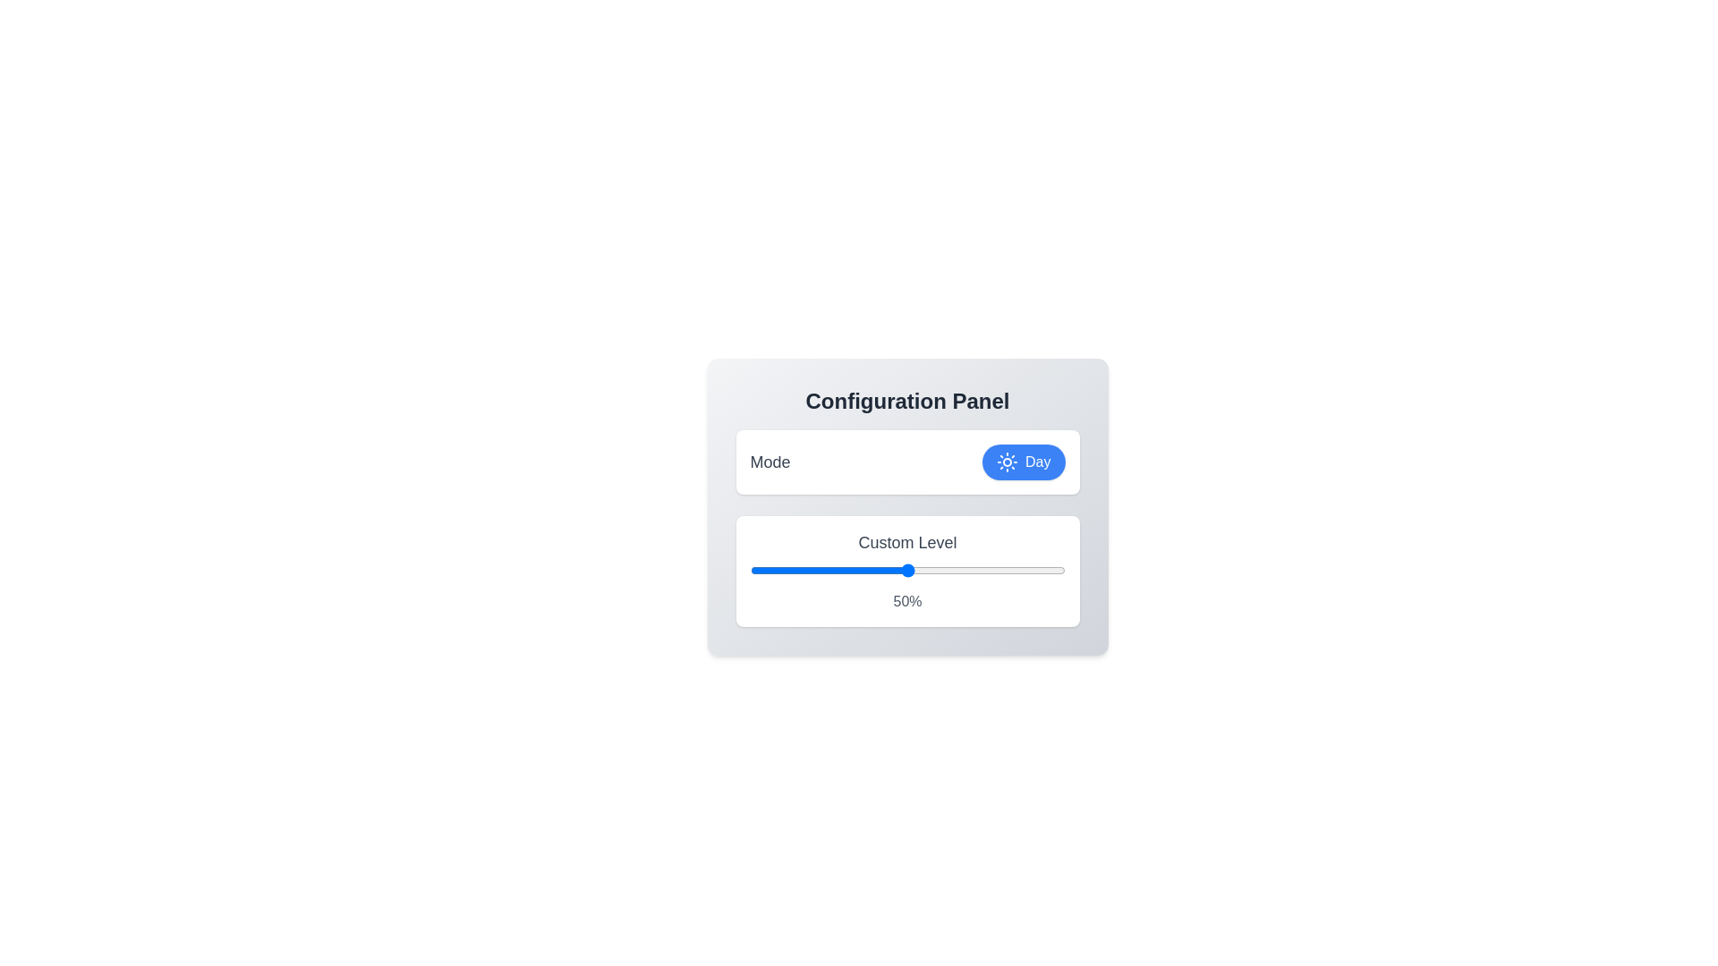 The height and width of the screenshot is (966, 1718). What do you see at coordinates (1040, 570) in the screenshot?
I see `the slider to set the custom level to 92%` at bounding box center [1040, 570].